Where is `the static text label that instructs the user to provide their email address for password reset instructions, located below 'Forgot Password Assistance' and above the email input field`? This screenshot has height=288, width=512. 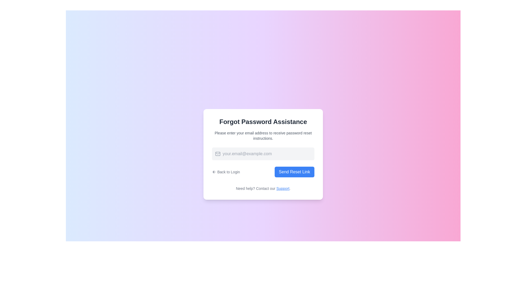 the static text label that instructs the user to provide their email address for password reset instructions, located below 'Forgot Password Assistance' and above the email input field is located at coordinates (263, 135).